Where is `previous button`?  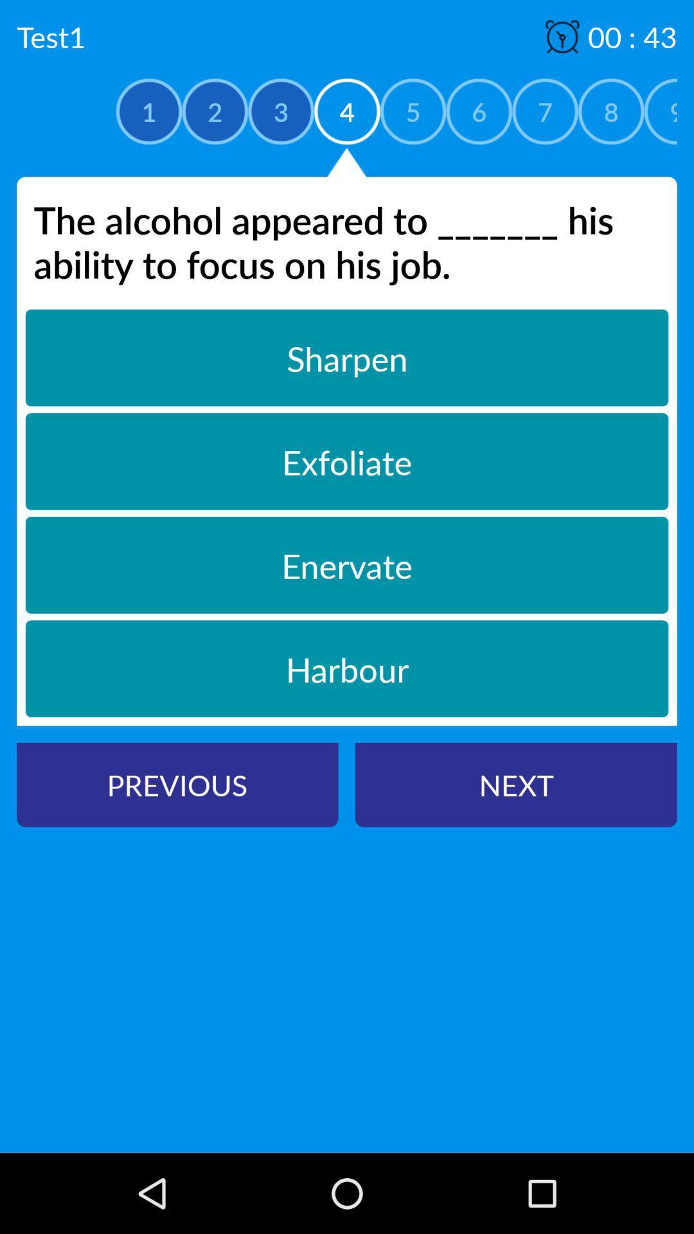
previous button is located at coordinates (177, 784).